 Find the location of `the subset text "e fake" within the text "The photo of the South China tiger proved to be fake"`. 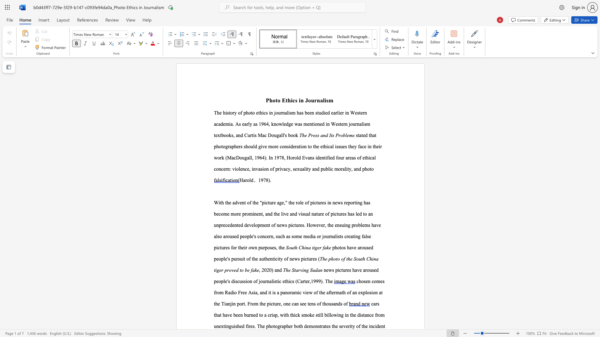

the subset text "e fake" within the text "The photo of the South China tiger proved to be fake" is located at coordinates (247, 270).